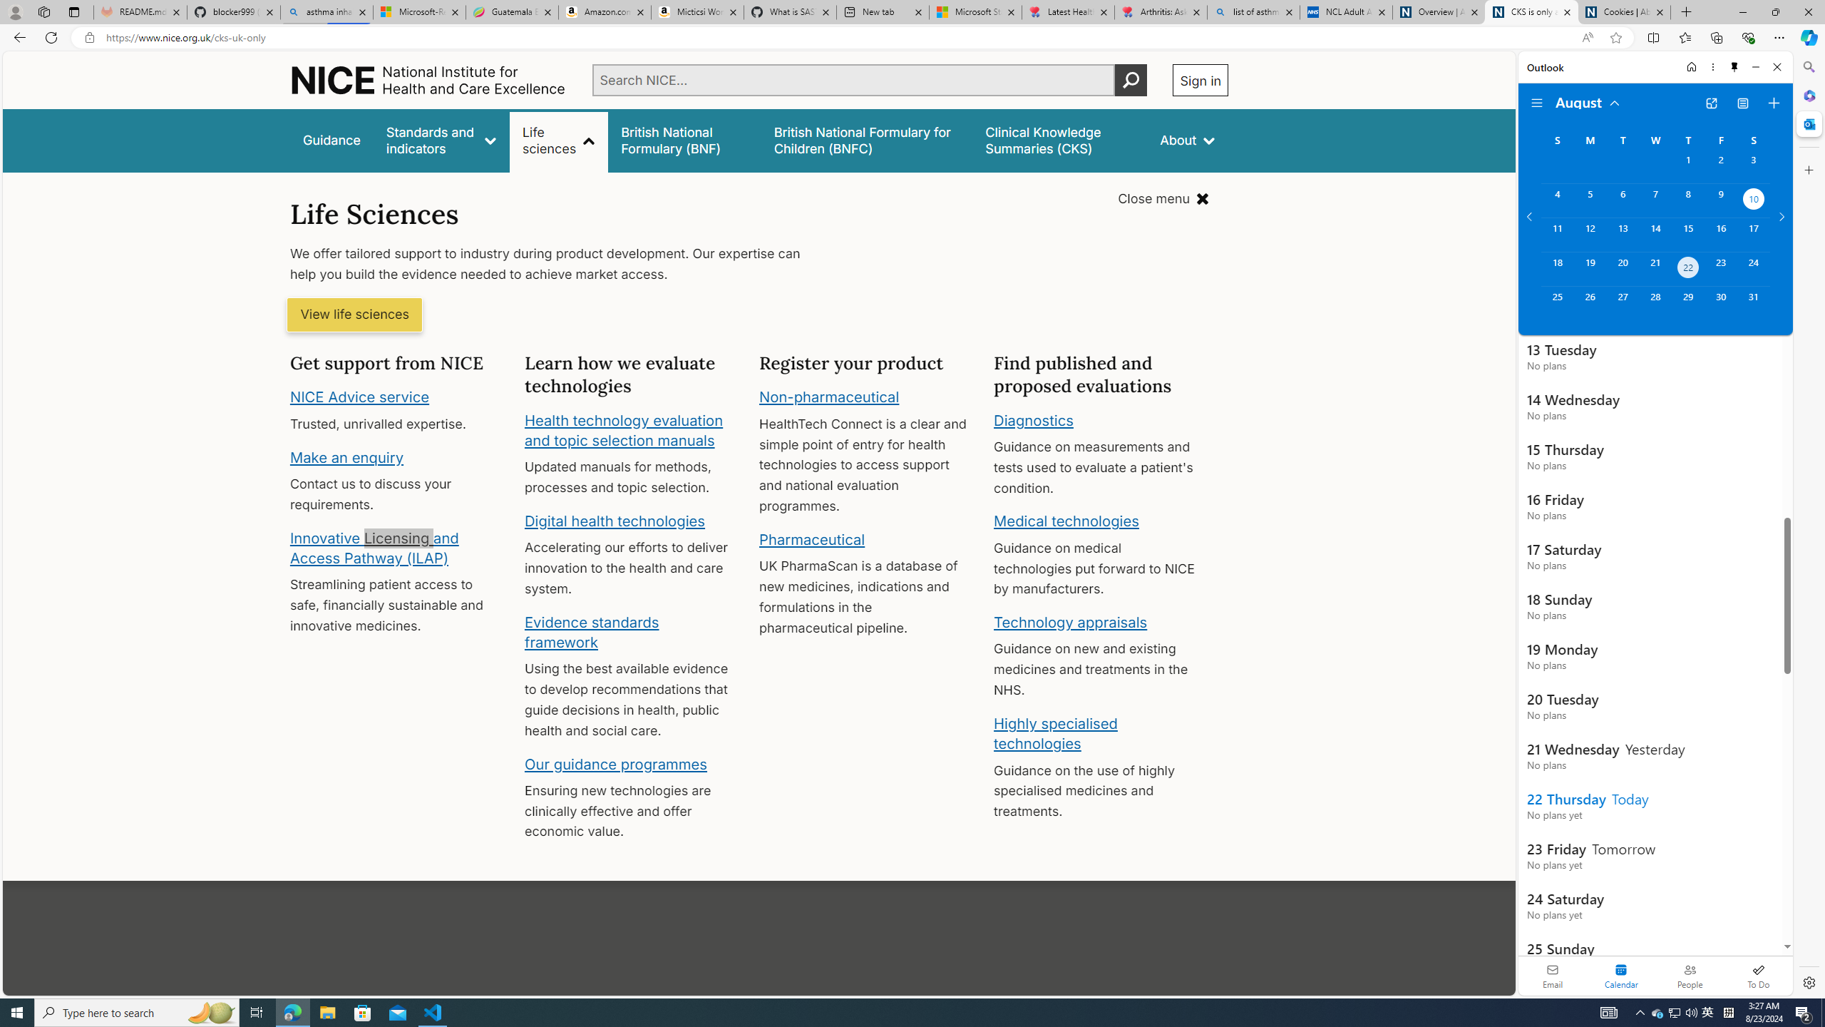 The width and height of the screenshot is (1825, 1027). Describe the element at coordinates (1557, 235) in the screenshot. I see `'Sunday, August 11, 2024. '` at that location.